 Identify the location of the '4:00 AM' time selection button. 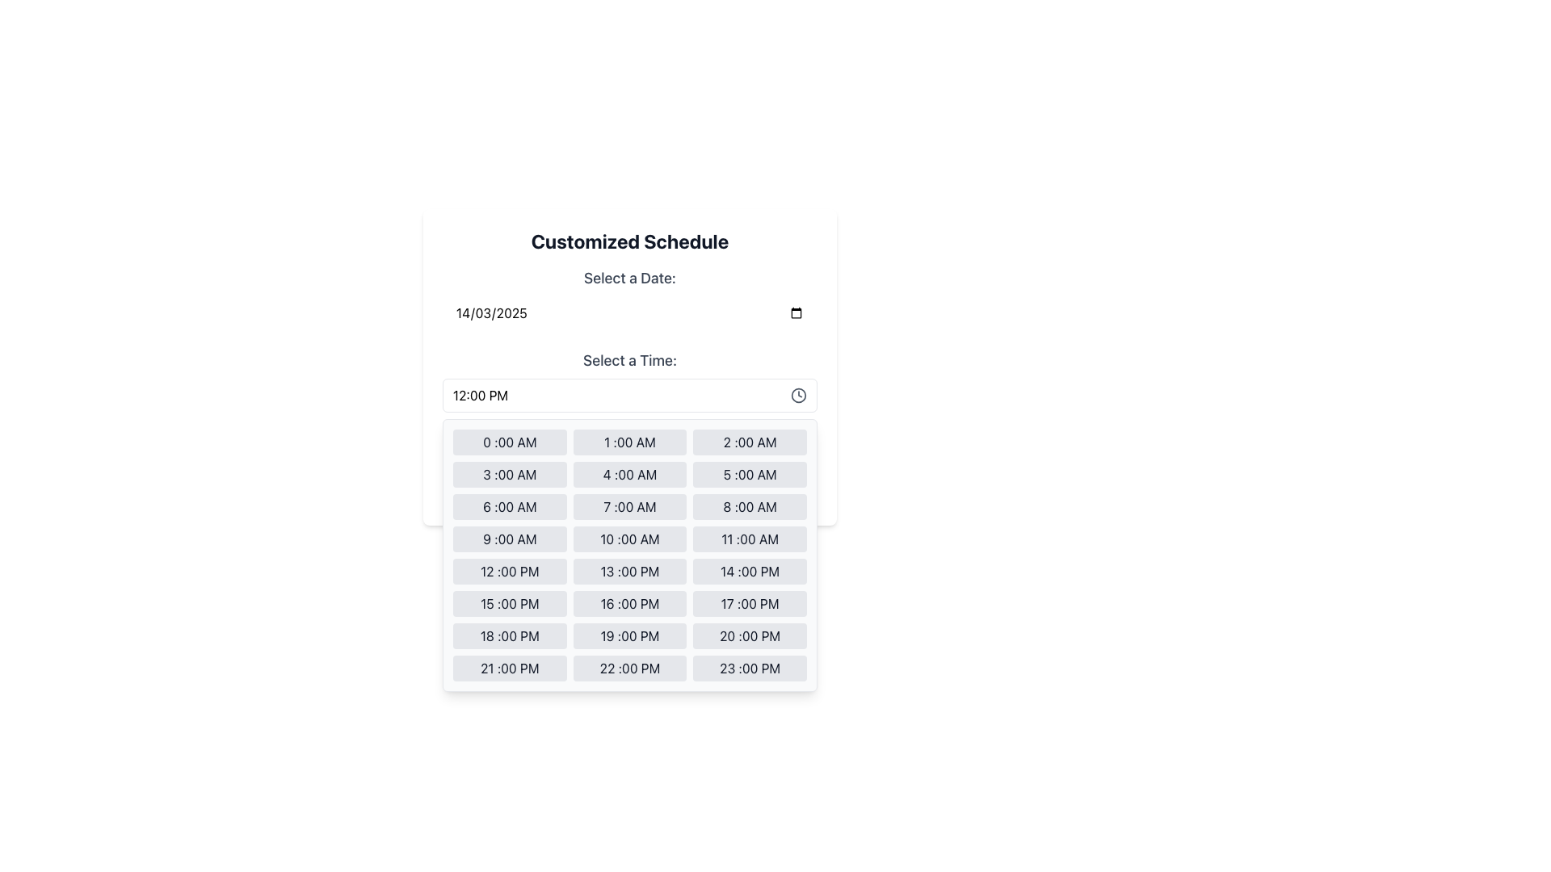
(628, 473).